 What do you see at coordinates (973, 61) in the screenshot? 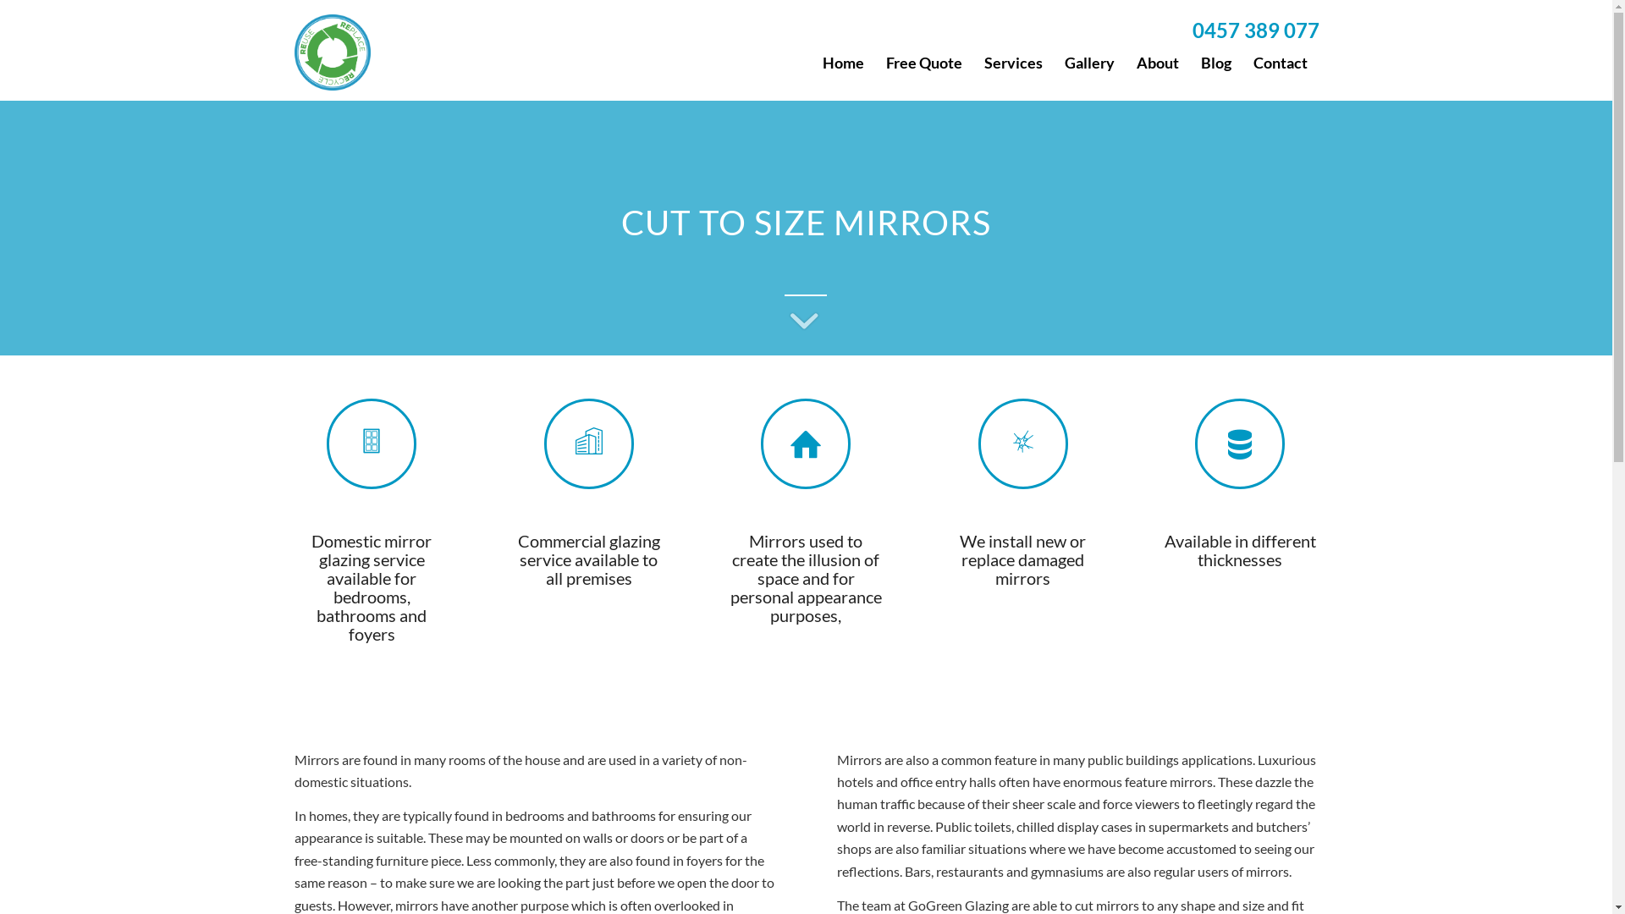
I see `'Services'` at bounding box center [973, 61].